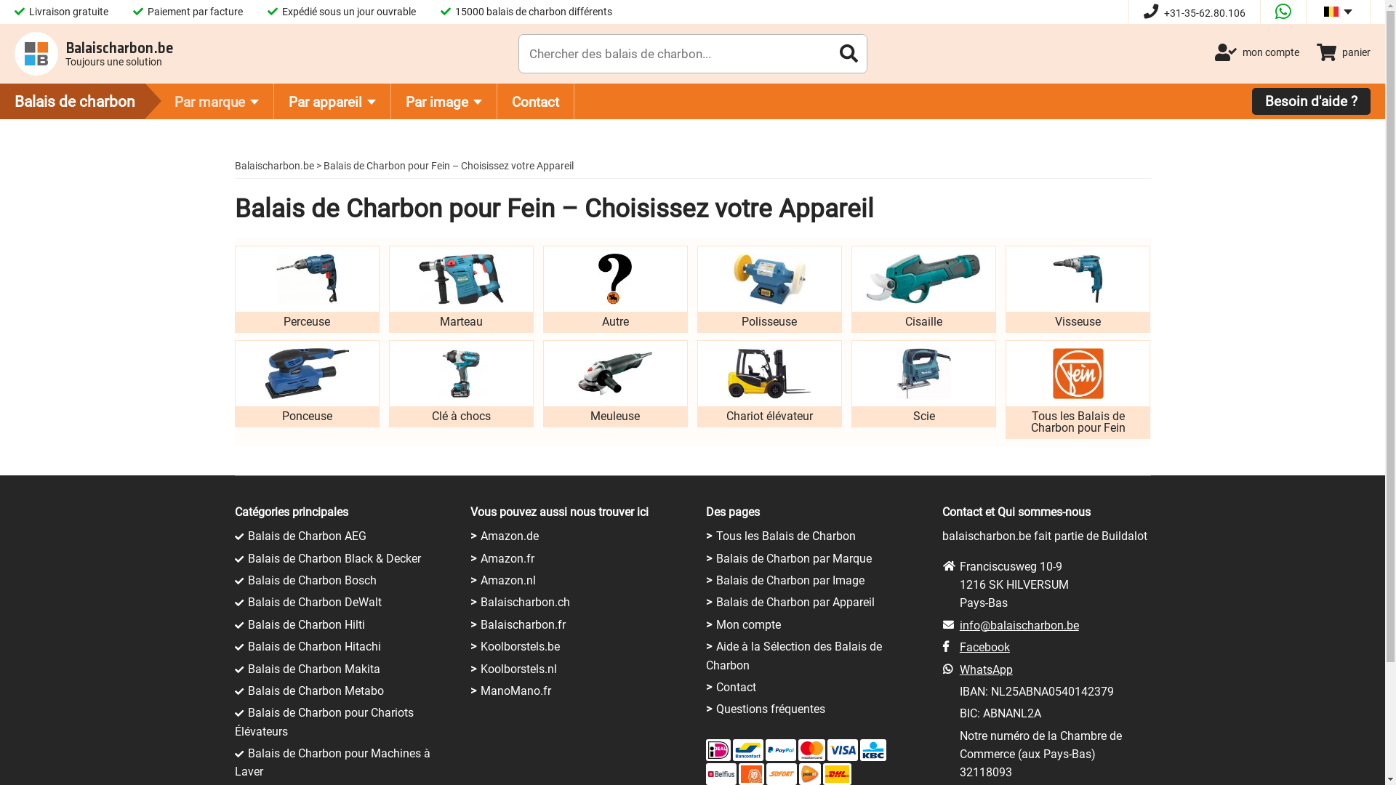 The image size is (1396, 785). Describe the element at coordinates (767, 773) in the screenshot. I see `'Sofort-logo'` at that location.